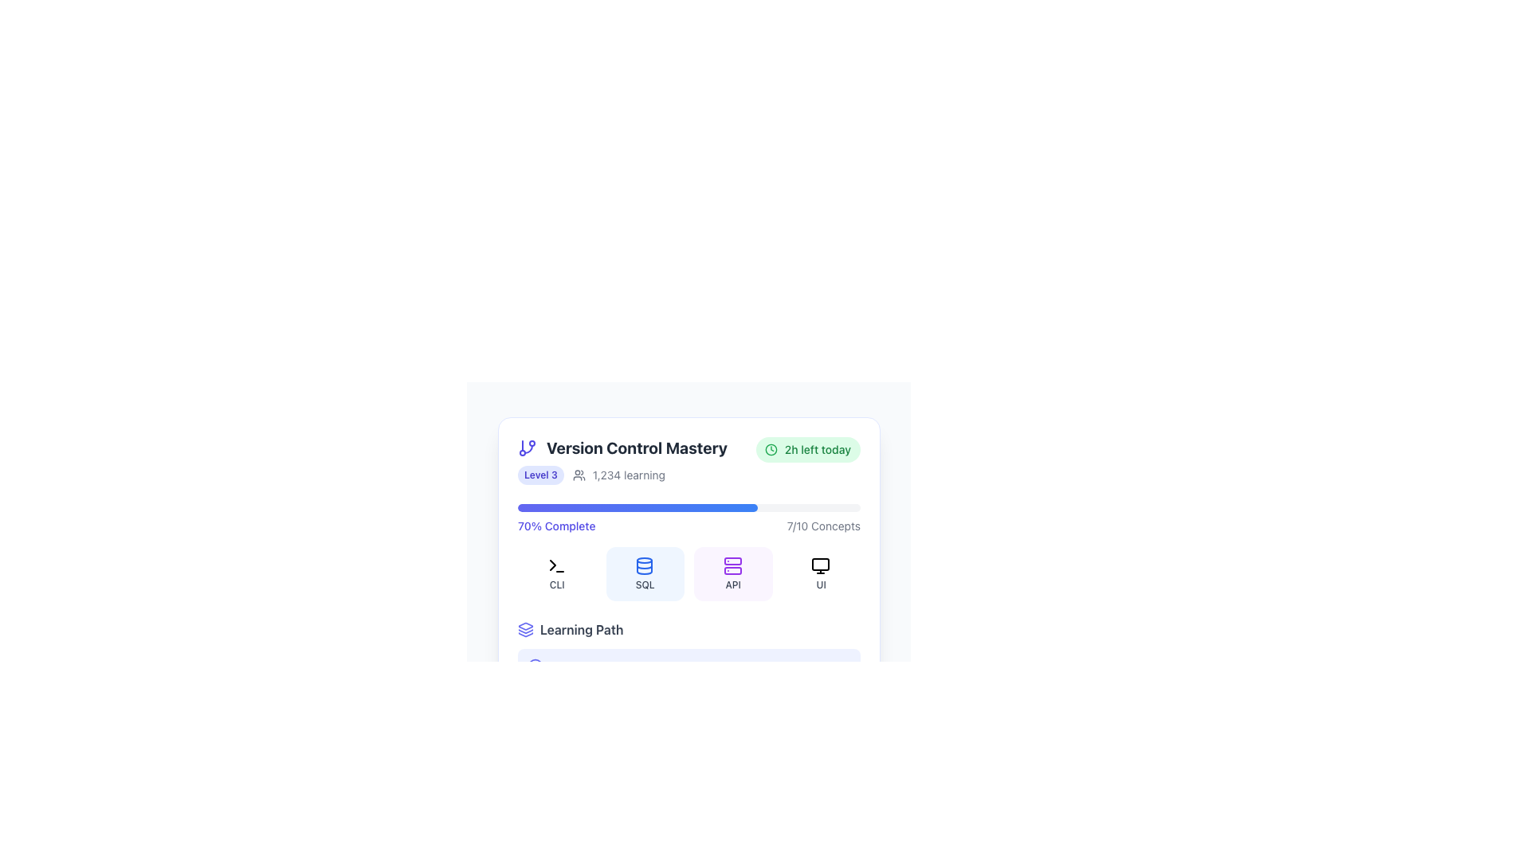 Image resolution: width=1530 pixels, height=860 pixels. I want to click on the Text with Icon, which serves as the title or heading indicating the subject of version control mastery, located at the top of a card layout, so click(622, 448).